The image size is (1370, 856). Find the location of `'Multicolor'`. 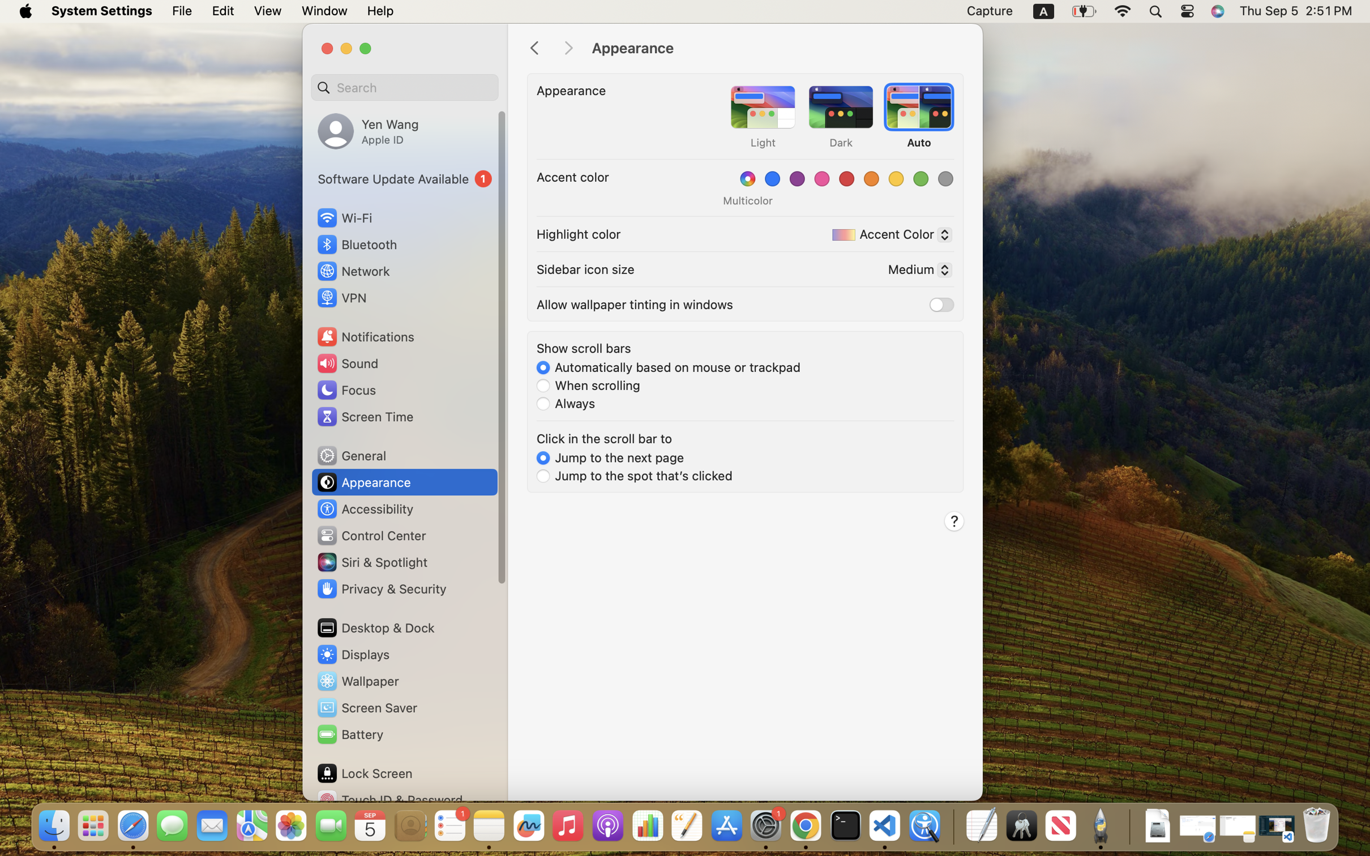

'Multicolor' is located at coordinates (747, 200).